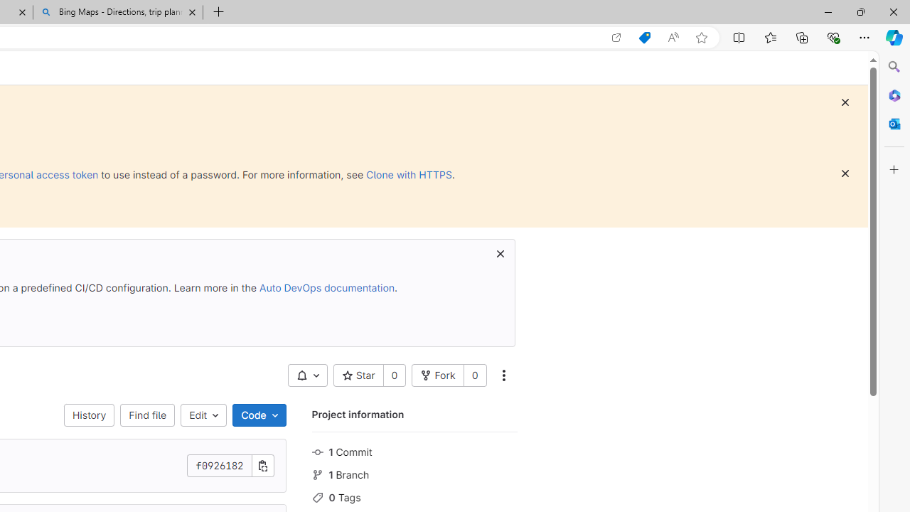 The image size is (910, 512). Describe the element at coordinates (500, 252) in the screenshot. I see `'Dismiss Auto DevOps box'` at that location.